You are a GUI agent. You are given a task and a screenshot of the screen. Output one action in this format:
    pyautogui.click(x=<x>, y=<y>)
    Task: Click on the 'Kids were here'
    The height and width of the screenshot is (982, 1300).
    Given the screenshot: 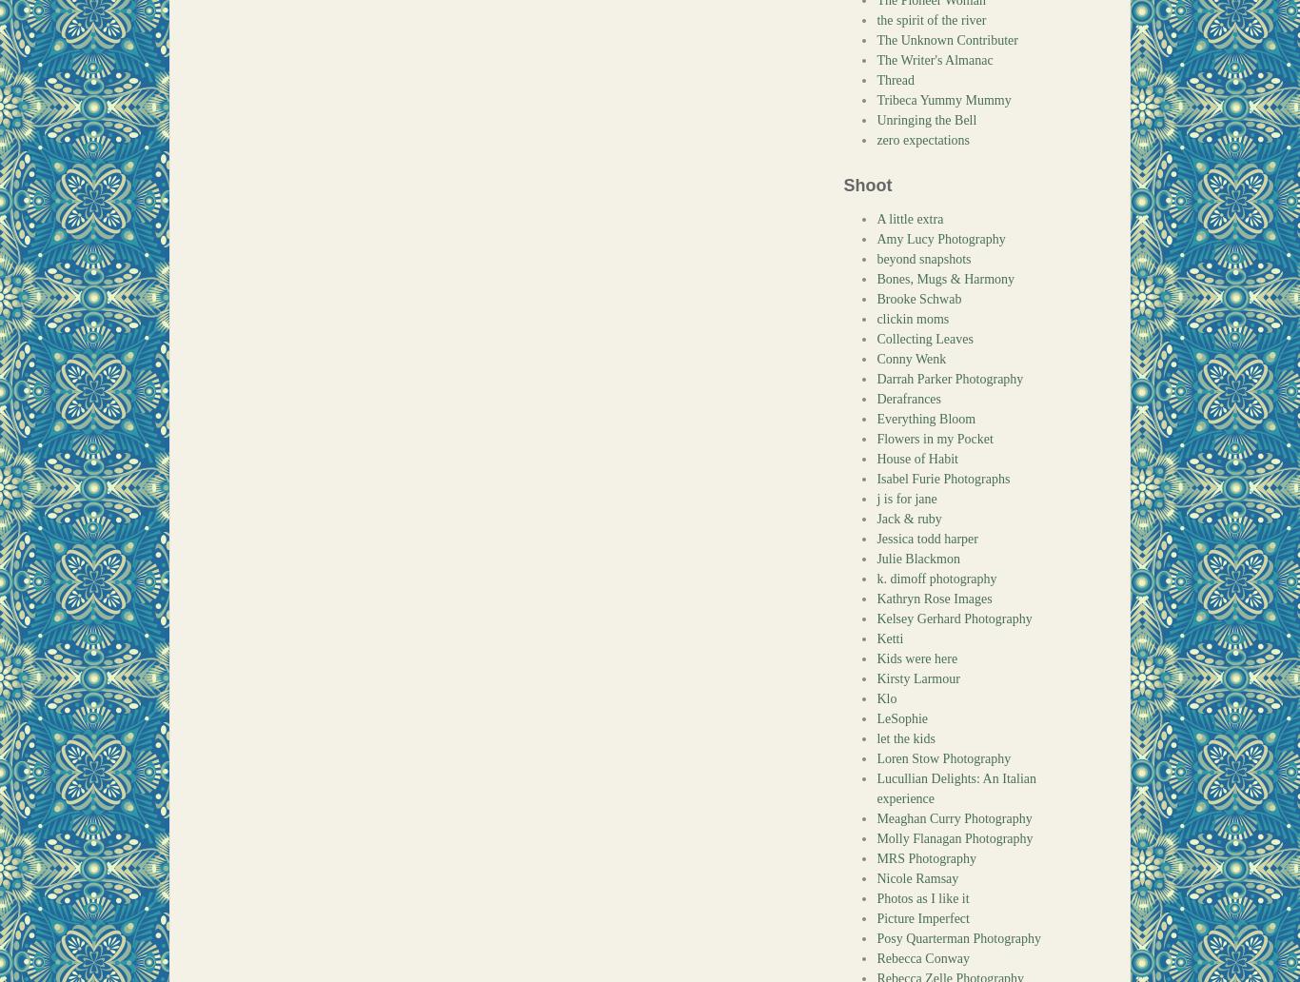 What is the action you would take?
    pyautogui.click(x=916, y=658)
    